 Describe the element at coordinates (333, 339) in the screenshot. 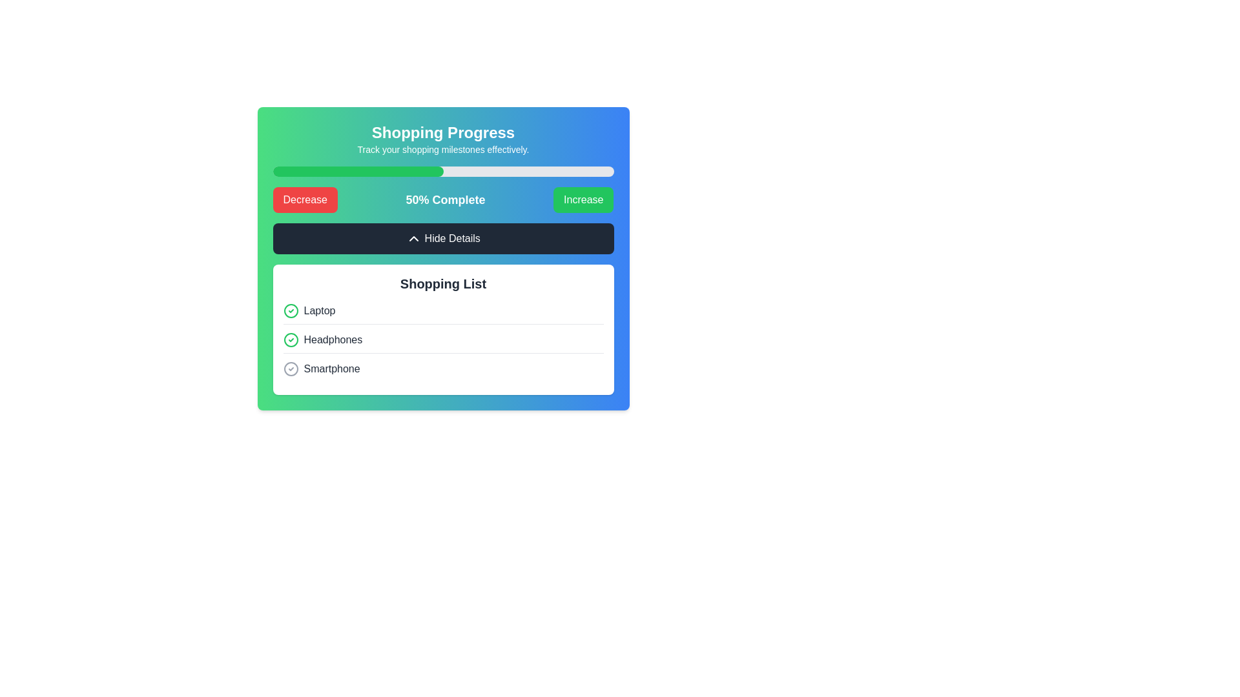

I see `the static text label for 'Headphones' in the shopping list, located under the header 'Shopping List' as the second item between 'Laptop' and 'Smartphone'` at that location.